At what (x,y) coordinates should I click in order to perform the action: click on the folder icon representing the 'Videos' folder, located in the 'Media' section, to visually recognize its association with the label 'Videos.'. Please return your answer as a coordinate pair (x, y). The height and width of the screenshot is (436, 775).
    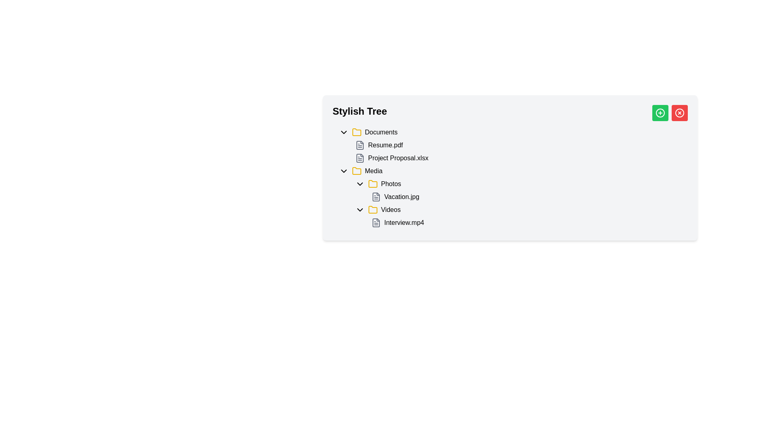
    Looking at the image, I should click on (373, 210).